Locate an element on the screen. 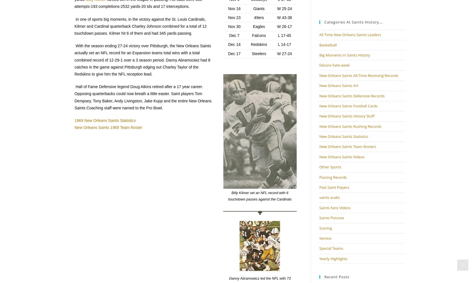 This screenshot has height=283, width=474. 'Service' is located at coordinates (325, 238).